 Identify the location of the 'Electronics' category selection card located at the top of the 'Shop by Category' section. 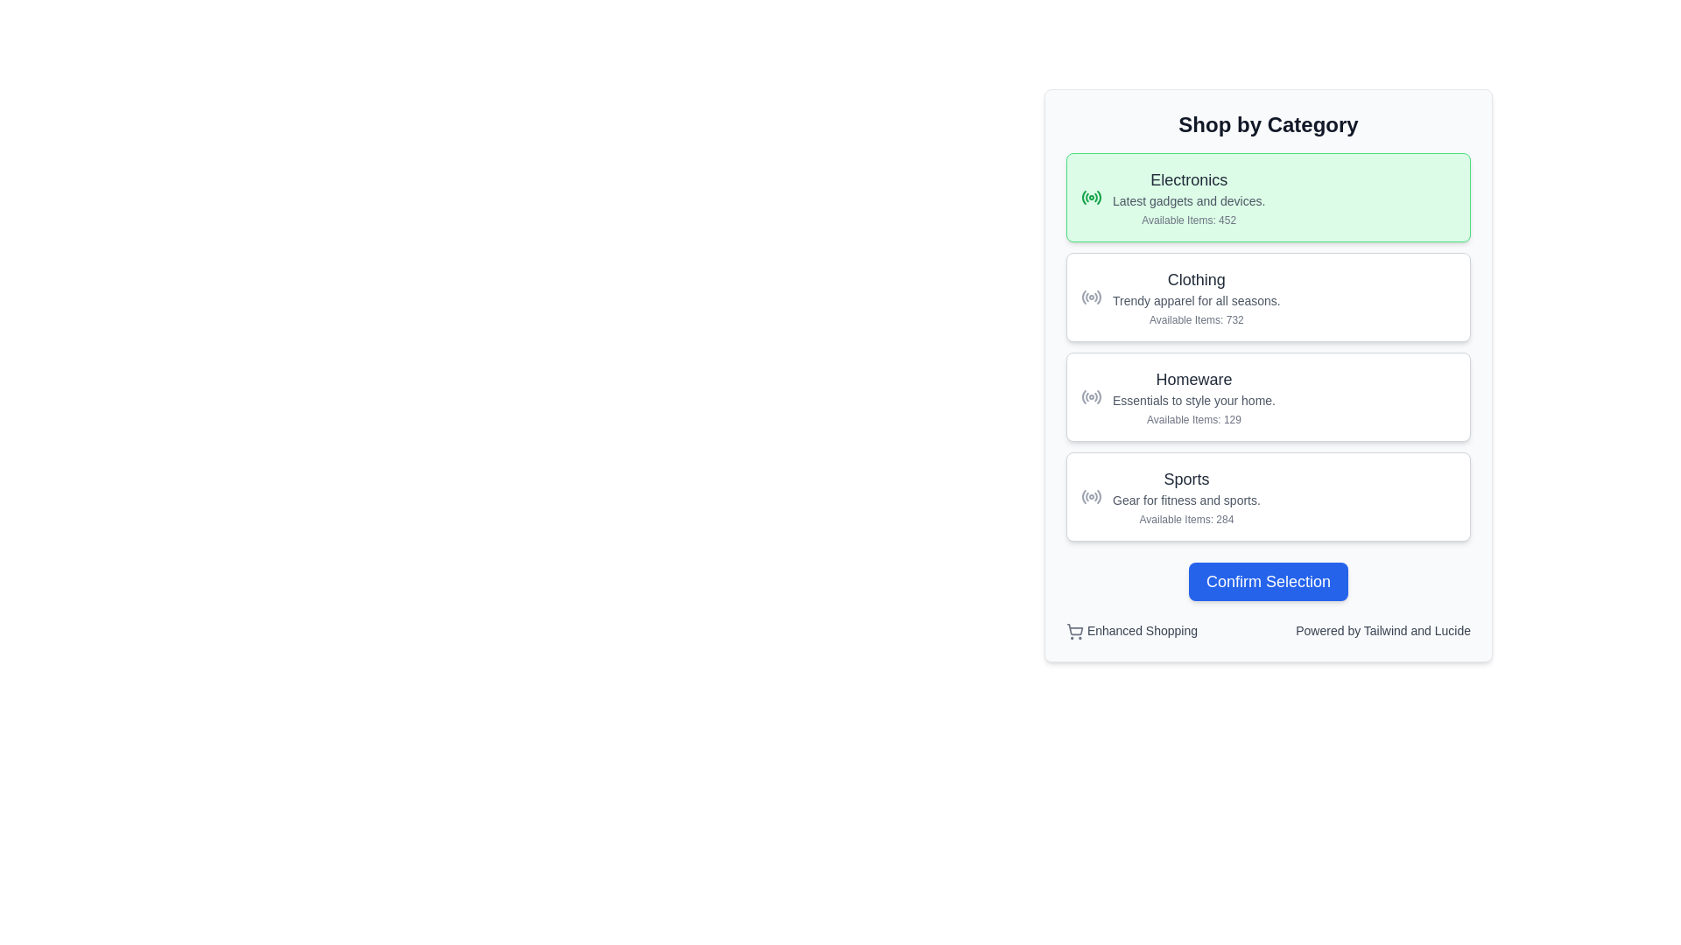
(1189, 197).